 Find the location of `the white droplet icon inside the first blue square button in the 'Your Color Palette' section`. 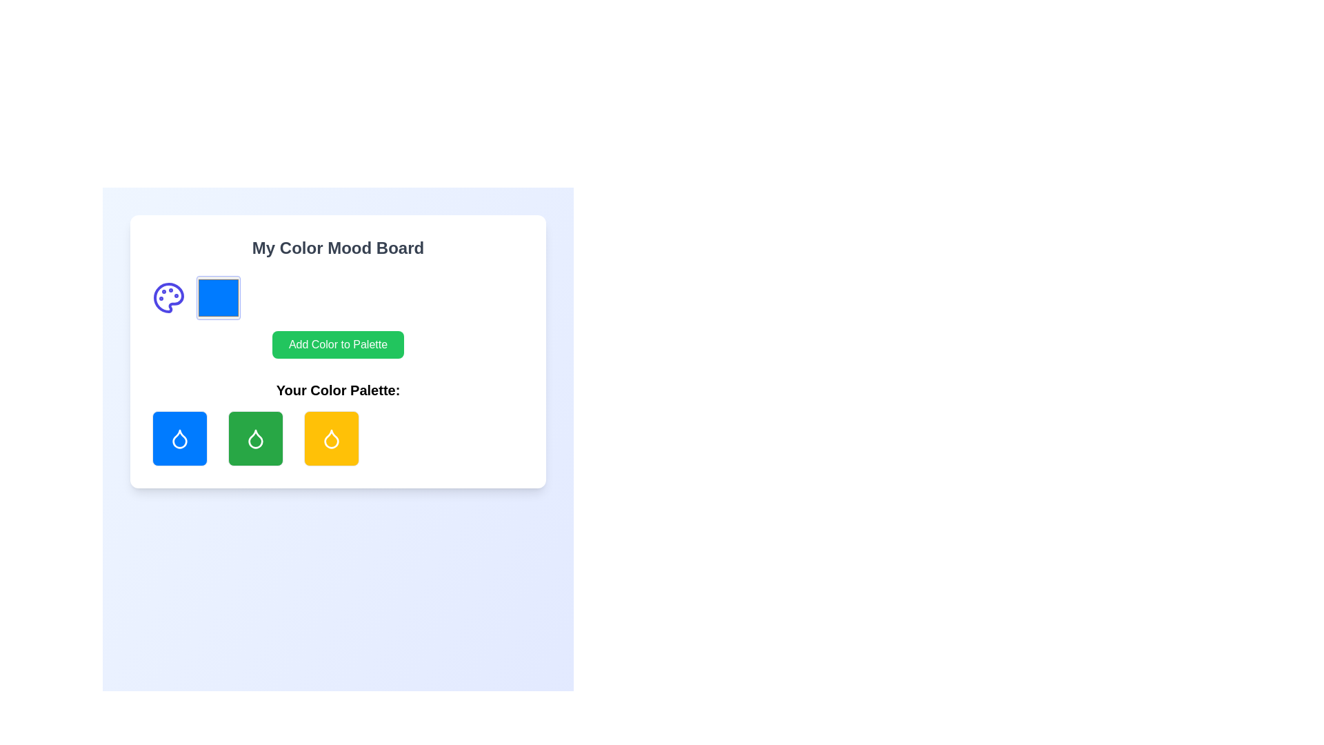

the white droplet icon inside the first blue square button in the 'Your Color Palette' section is located at coordinates (179, 439).